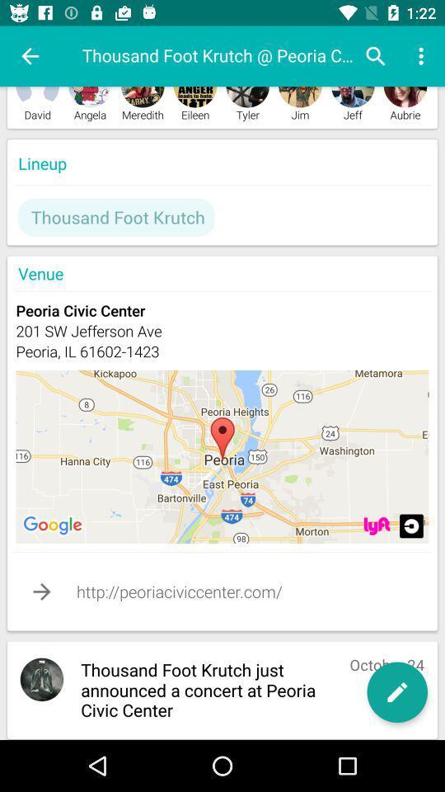 This screenshot has height=792, width=445. I want to click on location, so click(410, 525).